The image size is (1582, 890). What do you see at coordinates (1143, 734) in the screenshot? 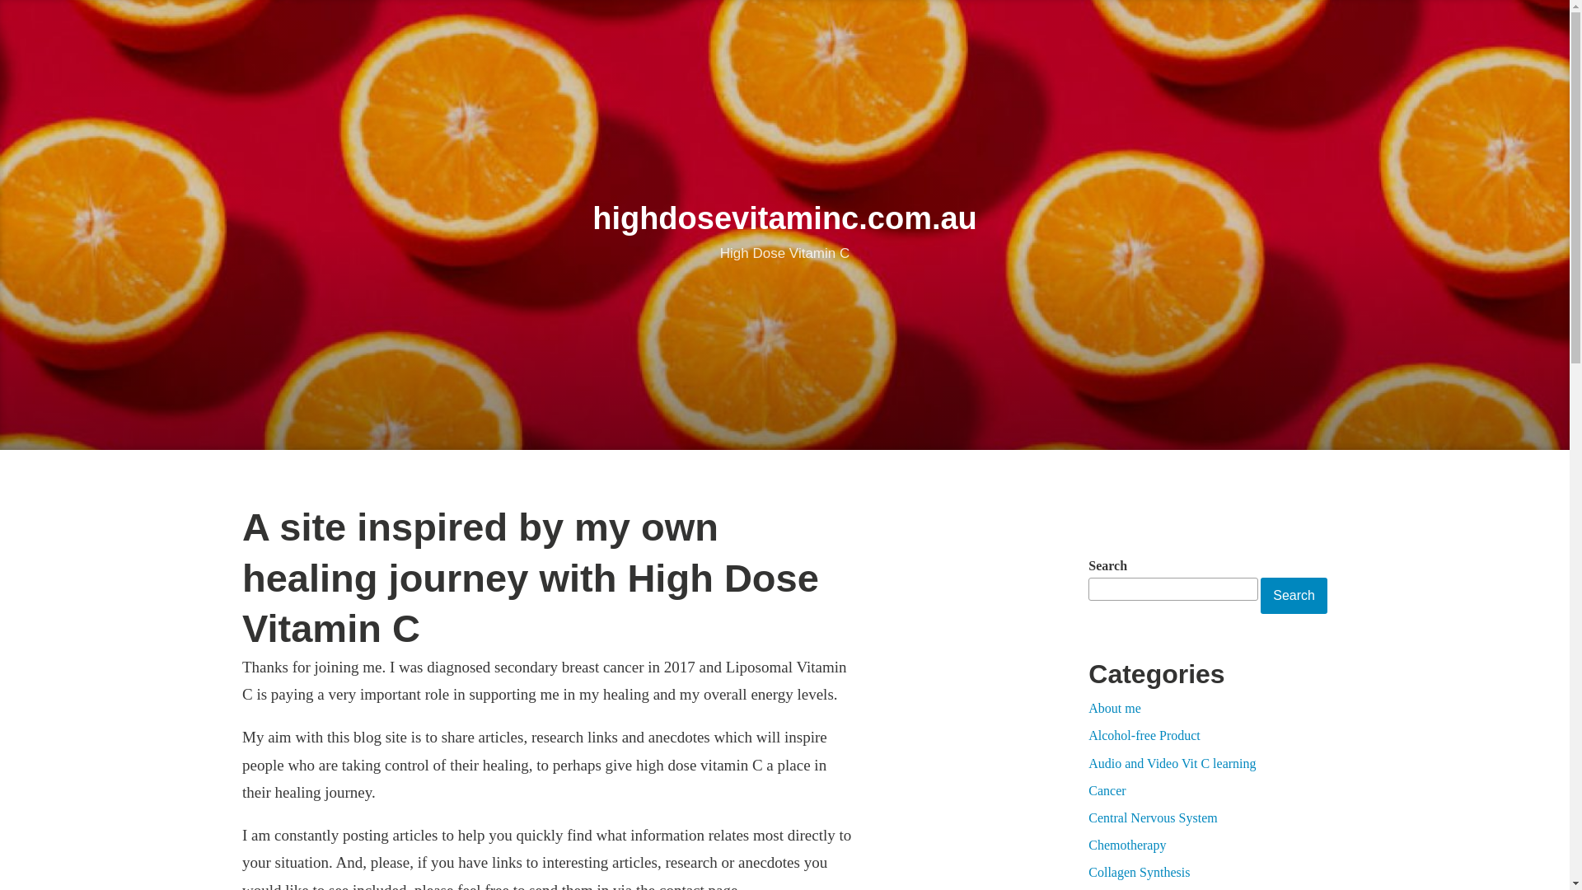
I see `'Alcohol-free Product'` at bounding box center [1143, 734].